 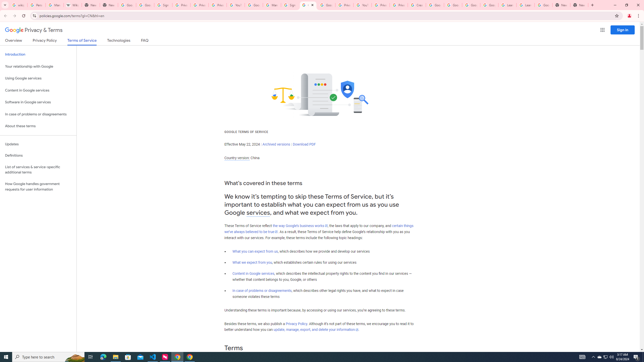 I want to click on 'Your relationship with Google', so click(x=38, y=66).